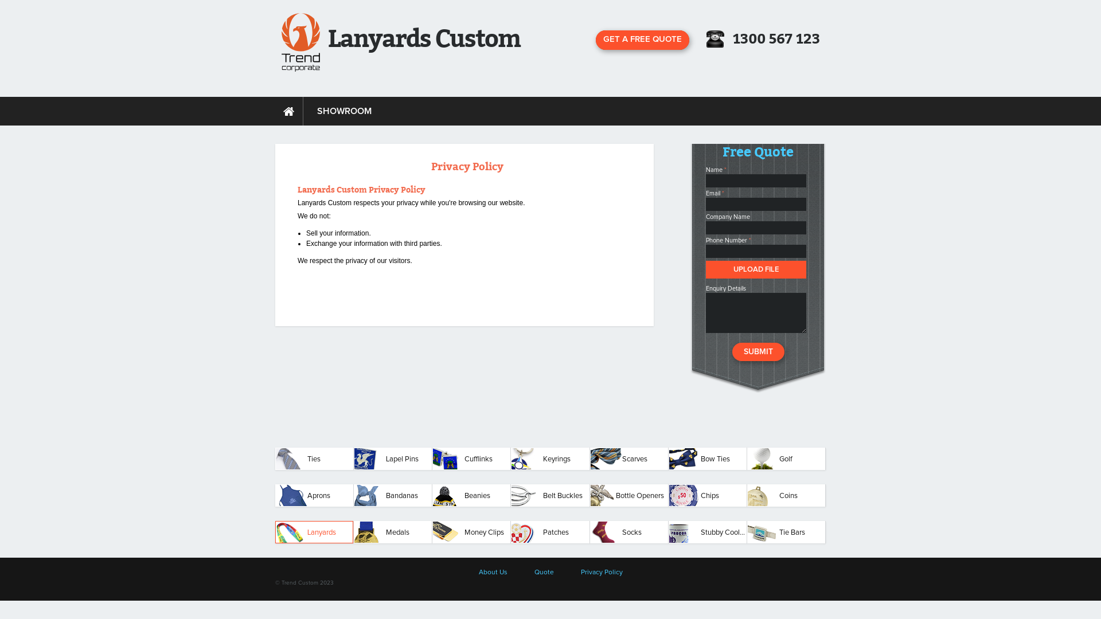 The height and width of the screenshot is (619, 1101). What do you see at coordinates (353, 532) in the screenshot?
I see `'Medals'` at bounding box center [353, 532].